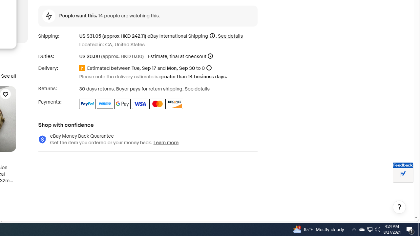 The image size is (420, 236). I want to click on 'Visa', so click(139, 103).